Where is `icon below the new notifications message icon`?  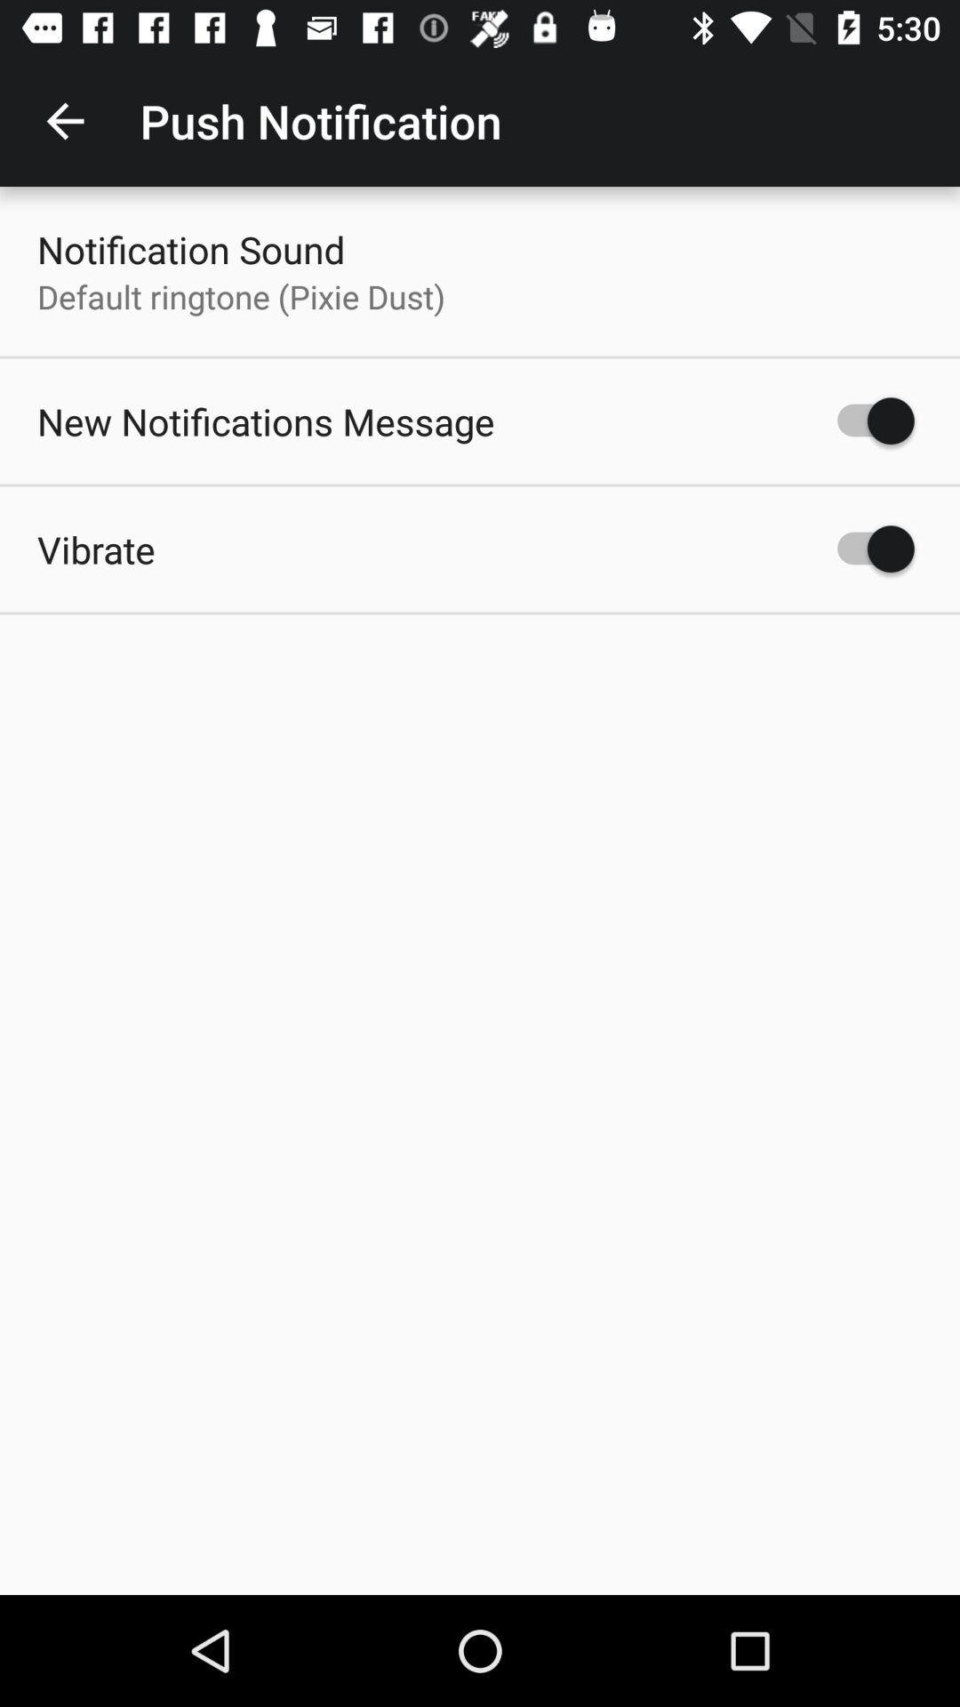
icon below the new notifications message icon is located at coordinates (96, 549).